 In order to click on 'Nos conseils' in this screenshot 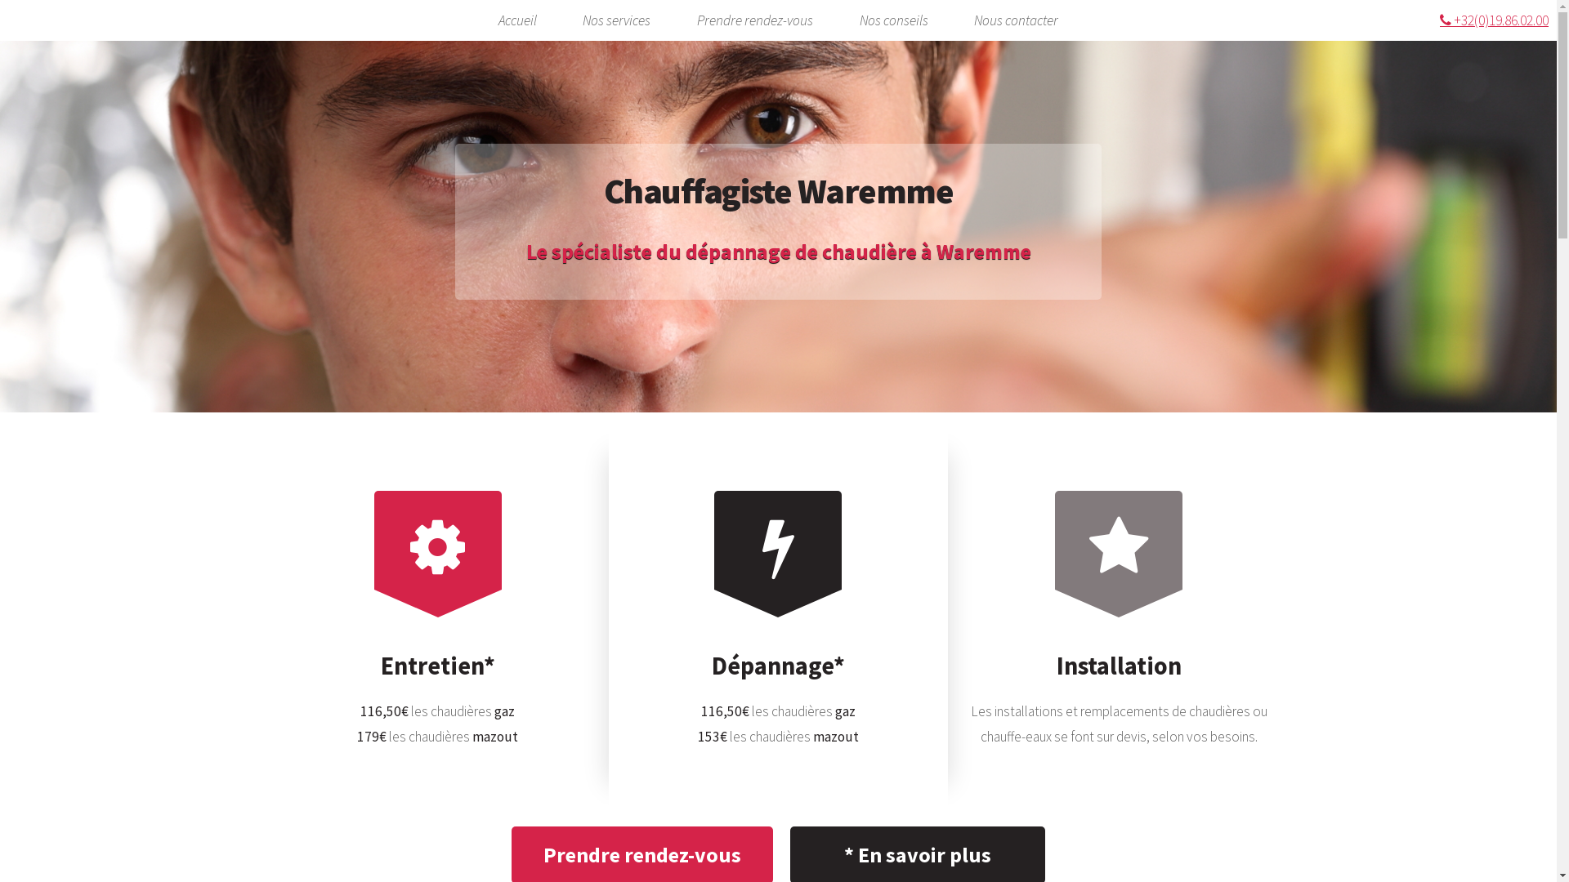, I will do `click(893, 20)`.